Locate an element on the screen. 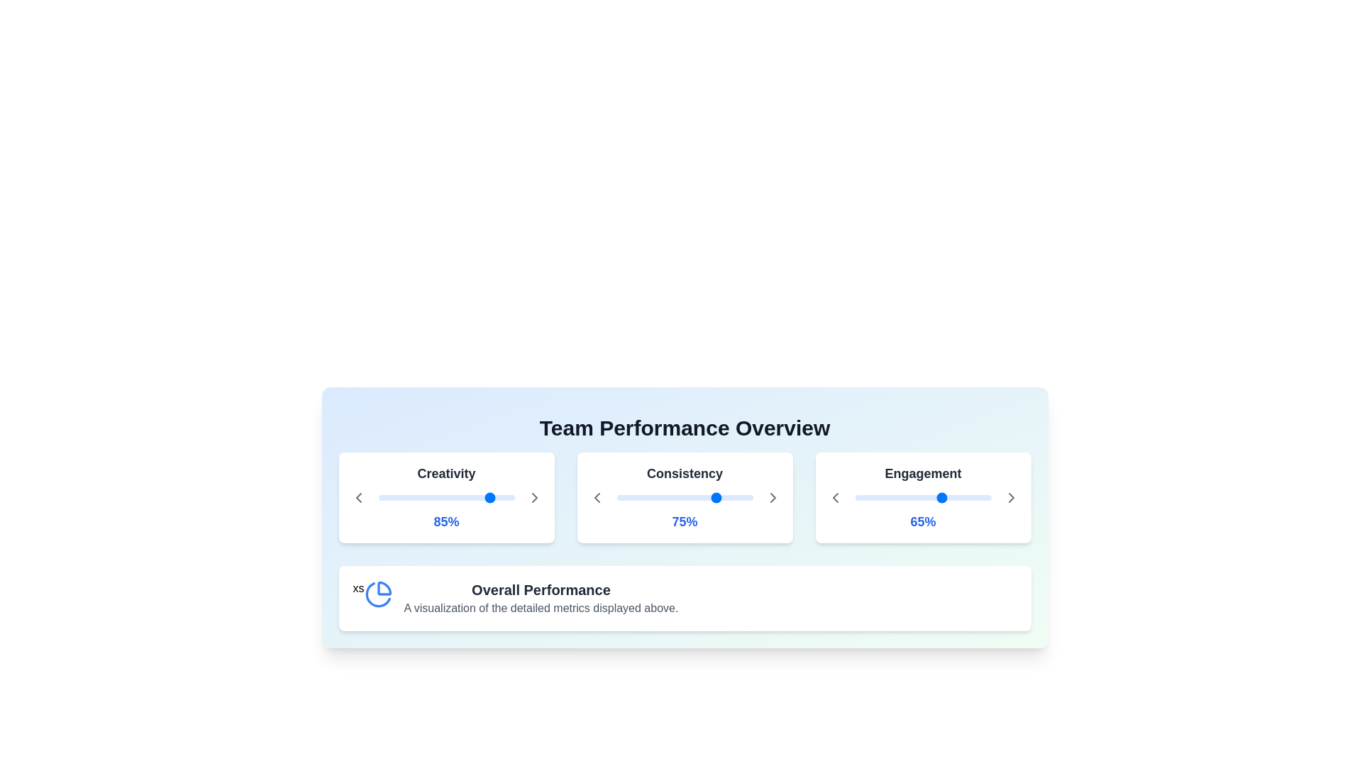 The image size is (1362, 766). the 'Engagement' text label, which is styled in bold and dark gray, located at the top-center of the rightmost card in a row of three cards is located at coordinates (923, 476).